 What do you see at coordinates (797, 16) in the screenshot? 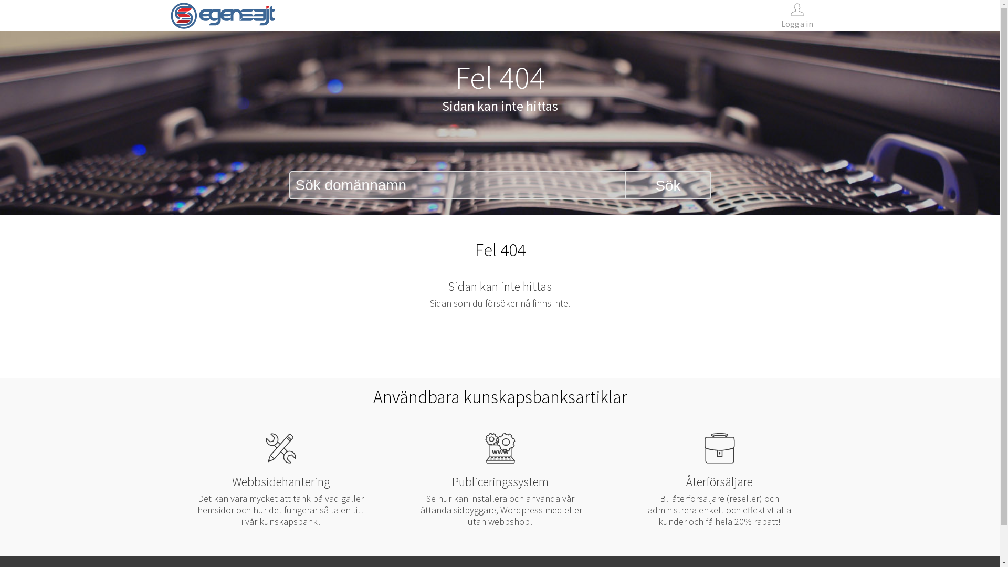
I see `'Logga in'` at bounding box center [797, 16].